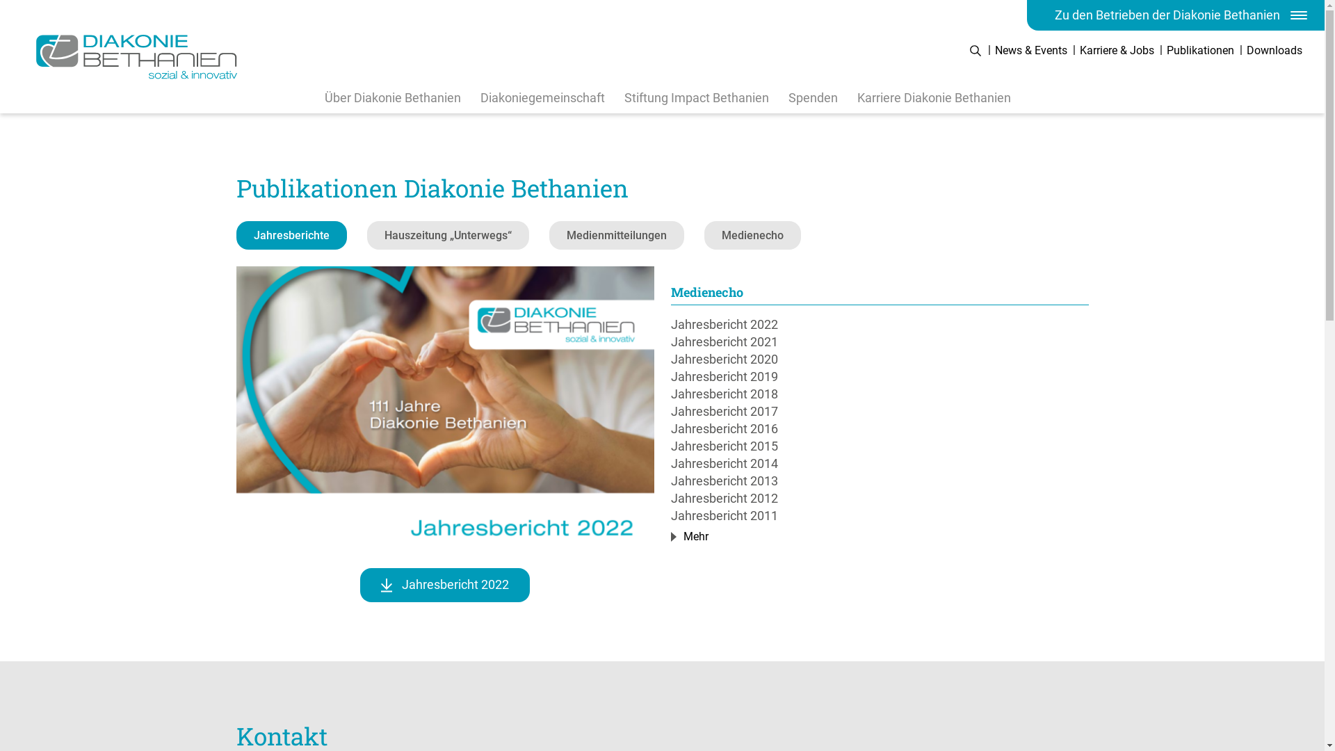 The image size is (1335, 751). Describe the element at coordinates (878, 463) in the screenshot. I see `'Jahresbericht 2014'` at that location.